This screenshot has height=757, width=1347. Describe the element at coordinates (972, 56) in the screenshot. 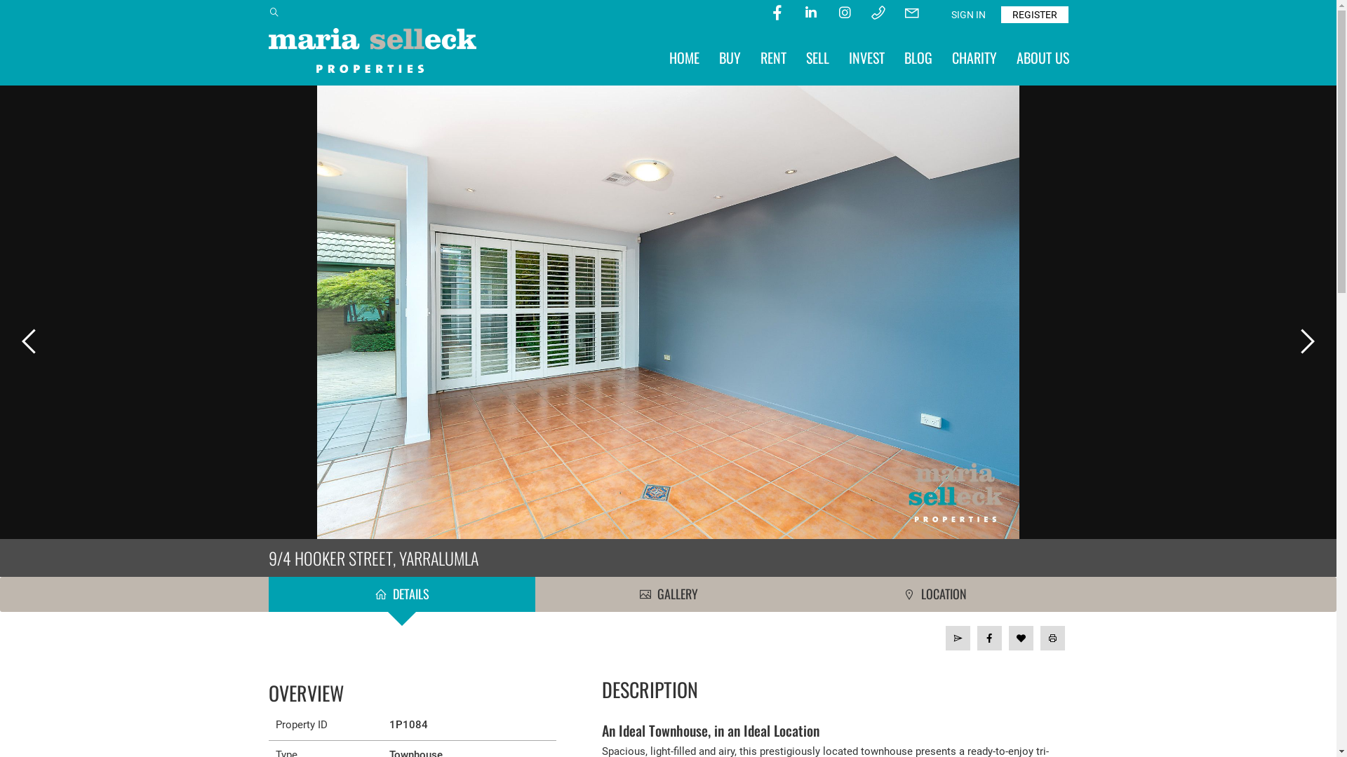

I see `'CHARITY'` at that location.